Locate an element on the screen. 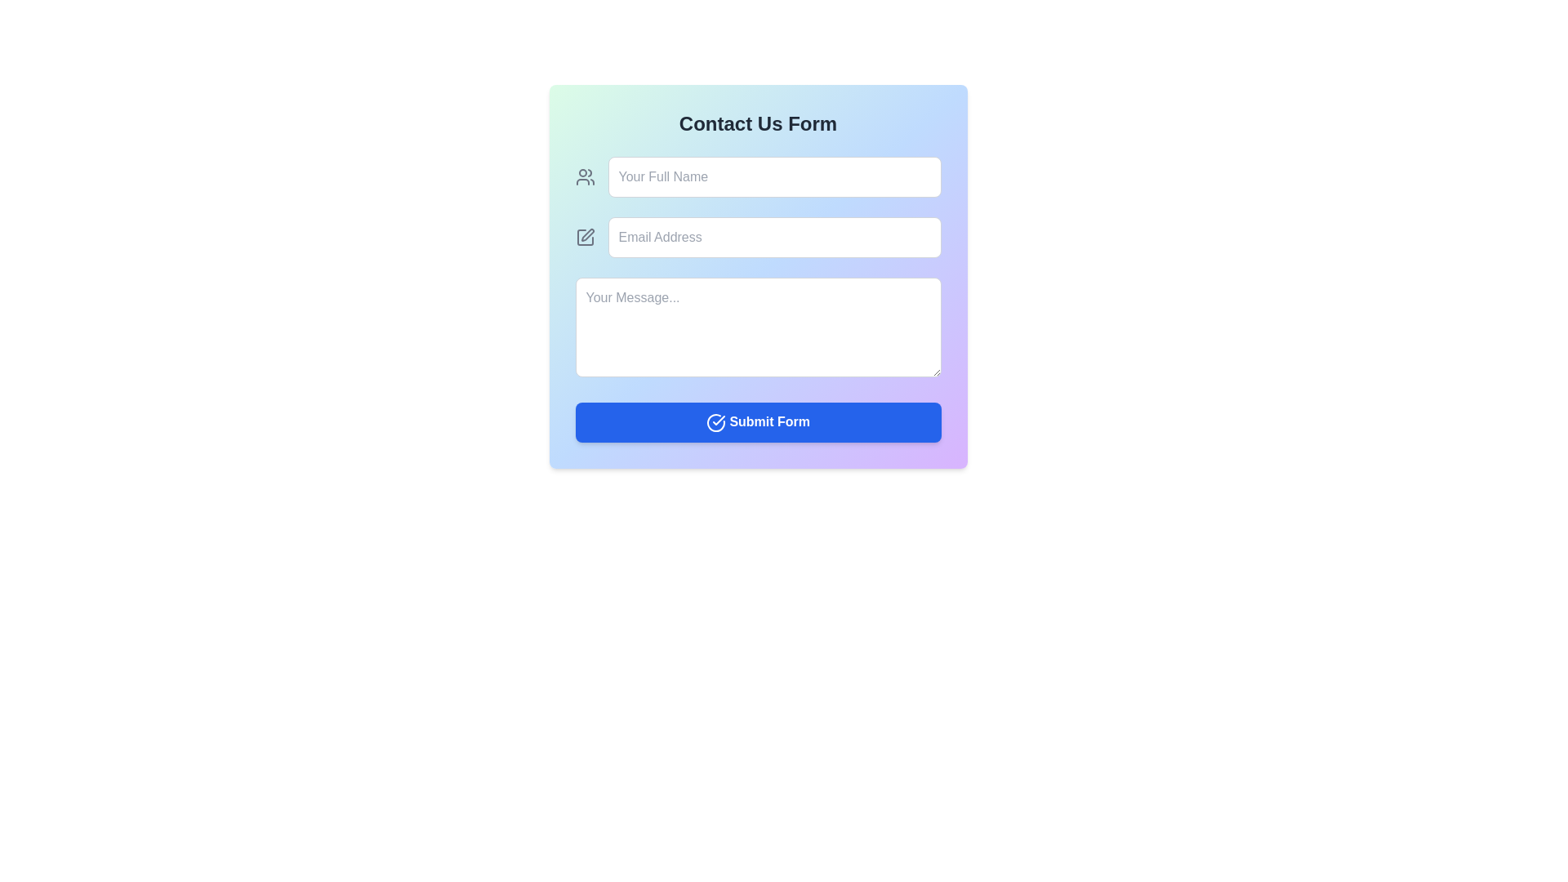 This screenshot has width=1568, height=882. the decorative icon representing users, which is located to the left of the 'Your Full Name' input field in the contact form layout is located at coordinates (585, 176).